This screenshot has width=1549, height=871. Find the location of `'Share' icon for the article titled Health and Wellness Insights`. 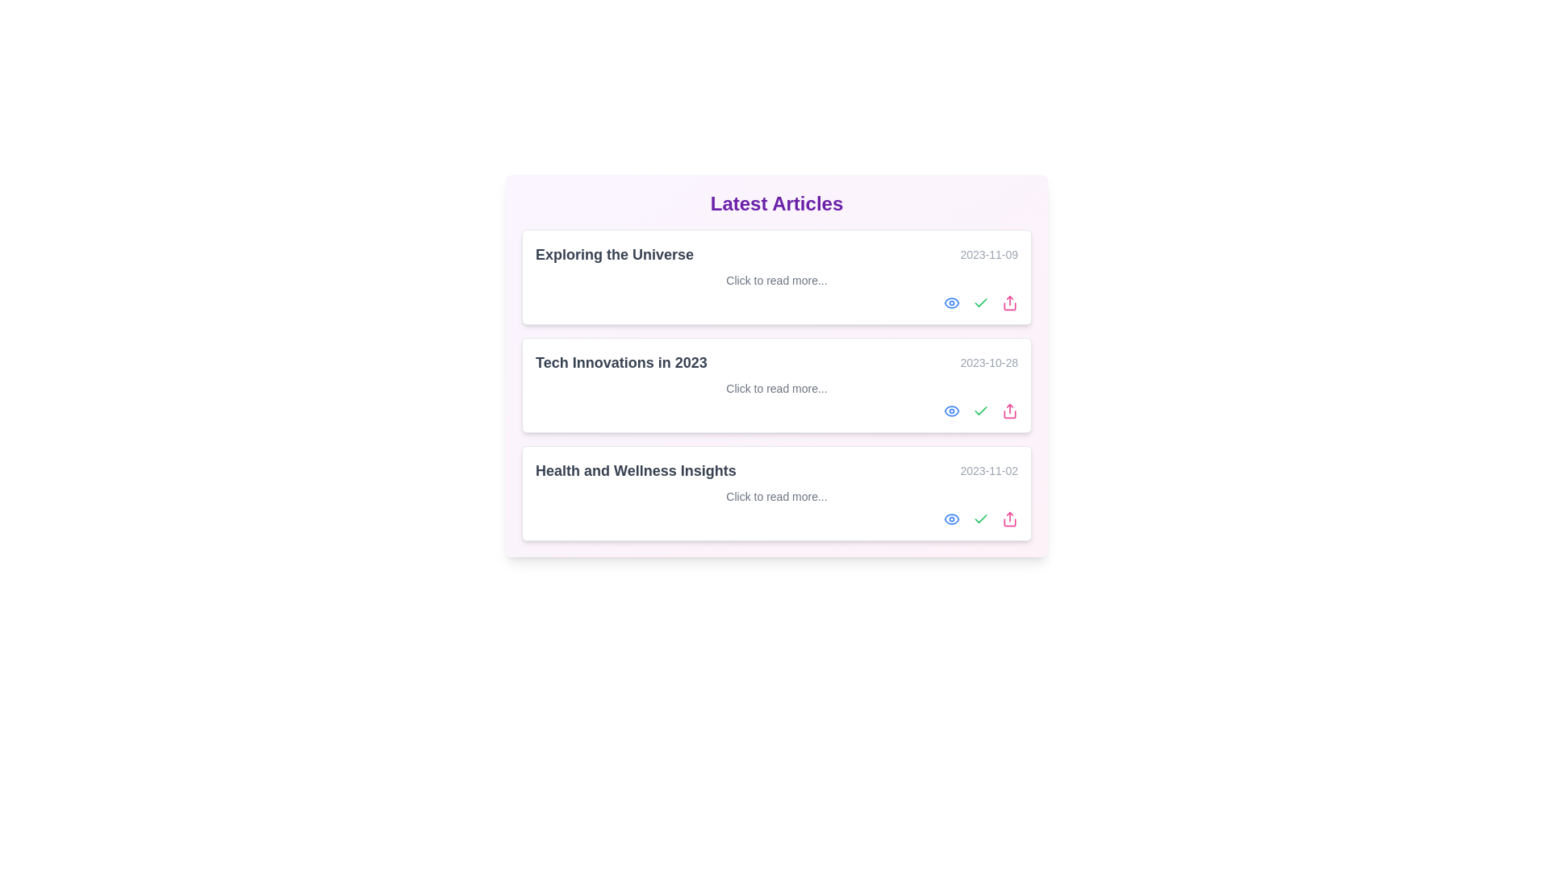

'Share' icon for the article titled Health and Wellness Insights is located at coordinates (1009, 519).